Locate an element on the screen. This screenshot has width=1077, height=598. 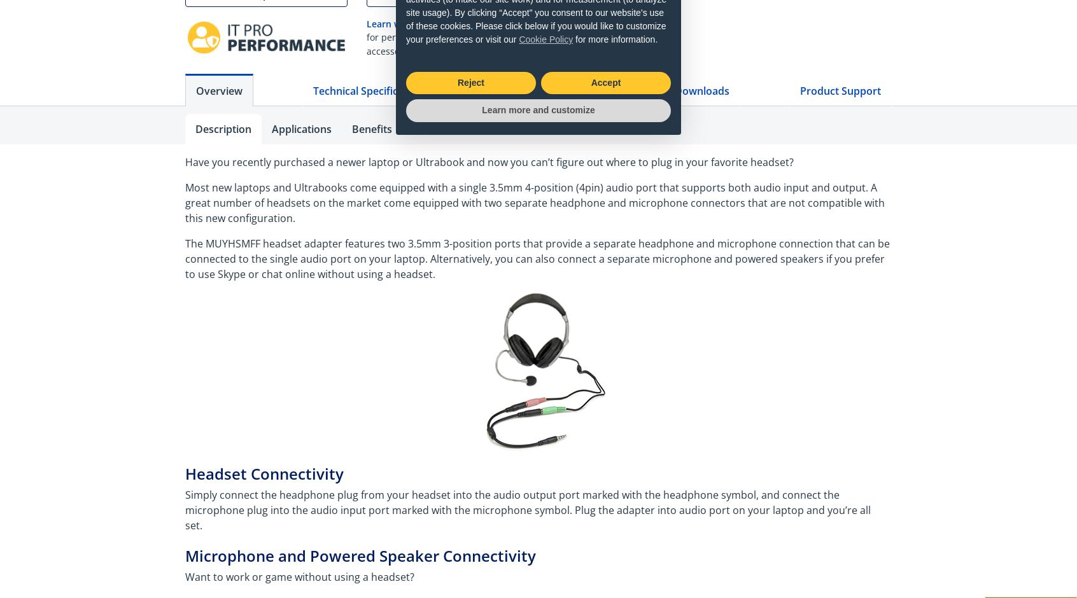
'Accept' is located at coordinates (605, 81).